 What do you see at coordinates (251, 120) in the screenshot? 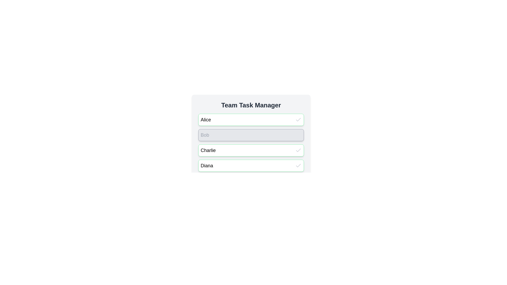
I see `the first list item representing 'Alice' in the Team Task Manager` at bounding box center [251, 120].